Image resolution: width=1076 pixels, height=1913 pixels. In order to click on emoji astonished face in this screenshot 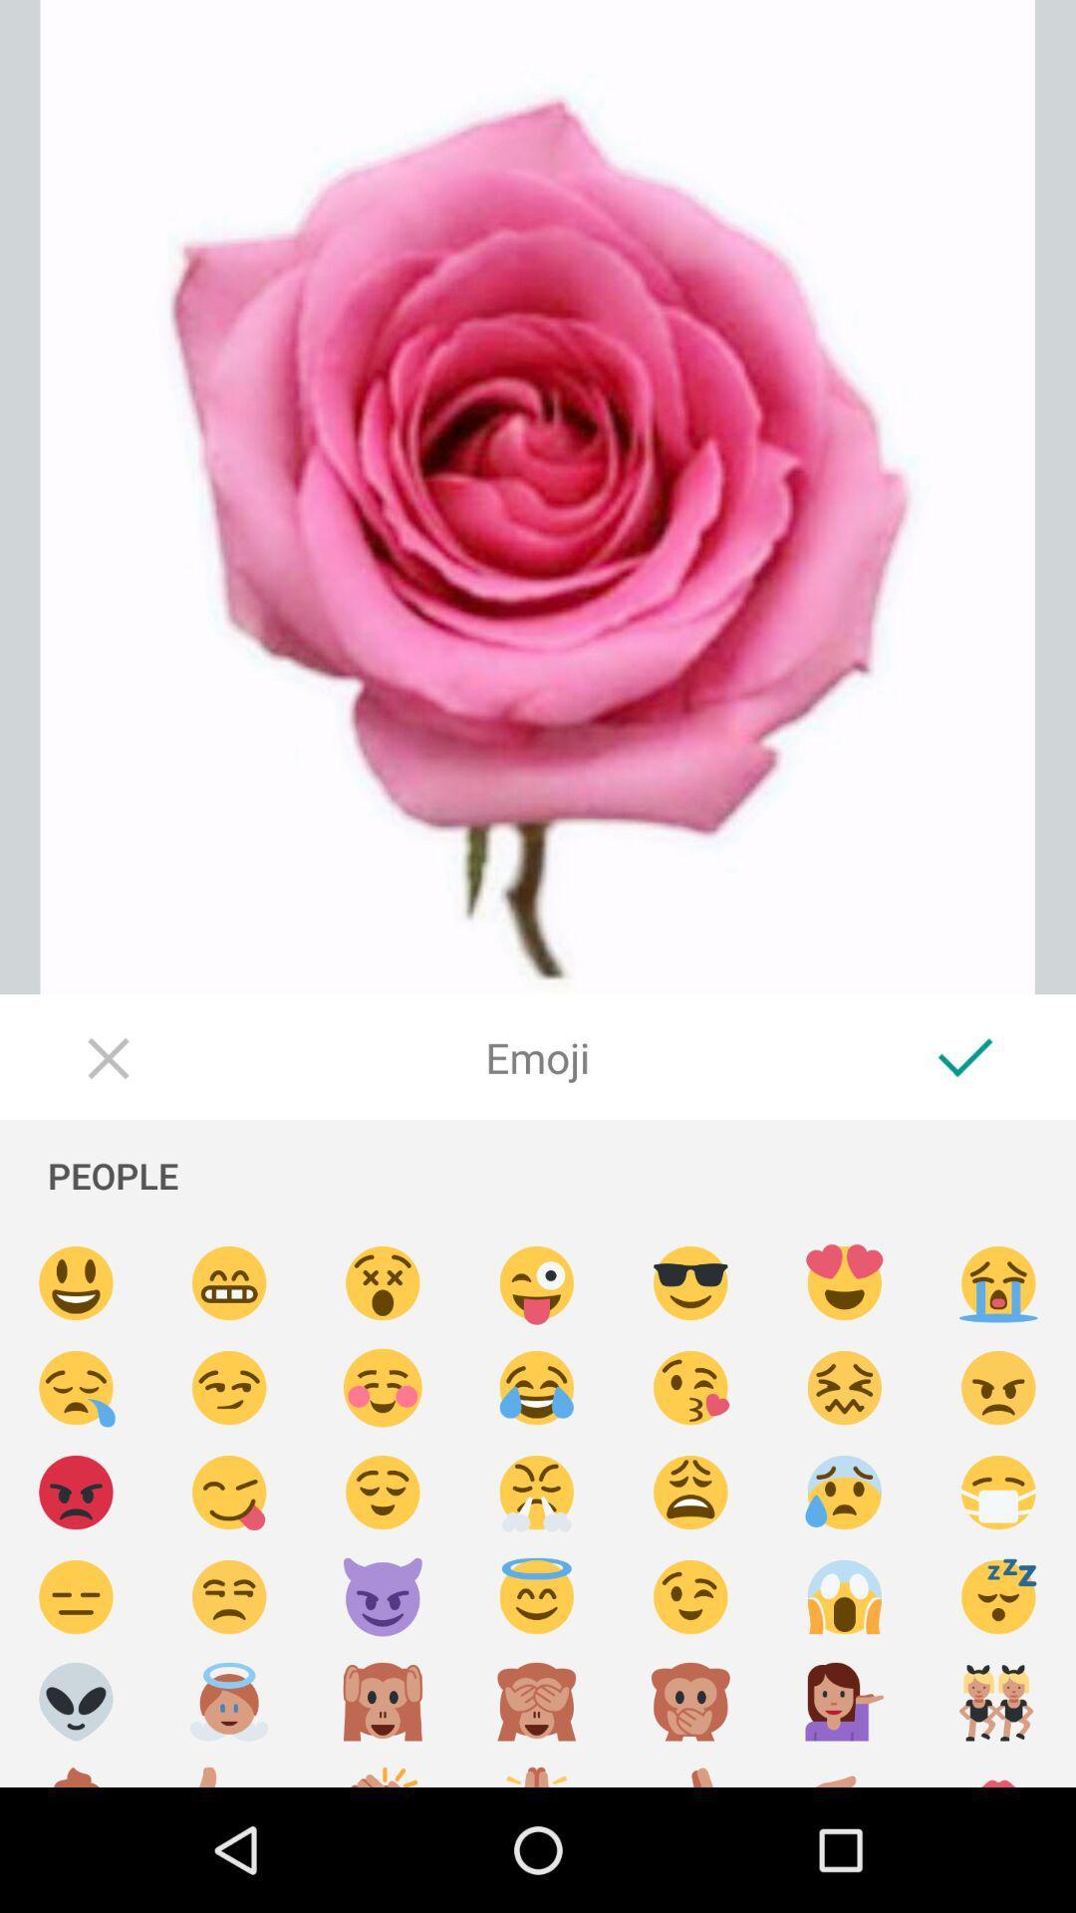, I will do `click(383, 1283)`.